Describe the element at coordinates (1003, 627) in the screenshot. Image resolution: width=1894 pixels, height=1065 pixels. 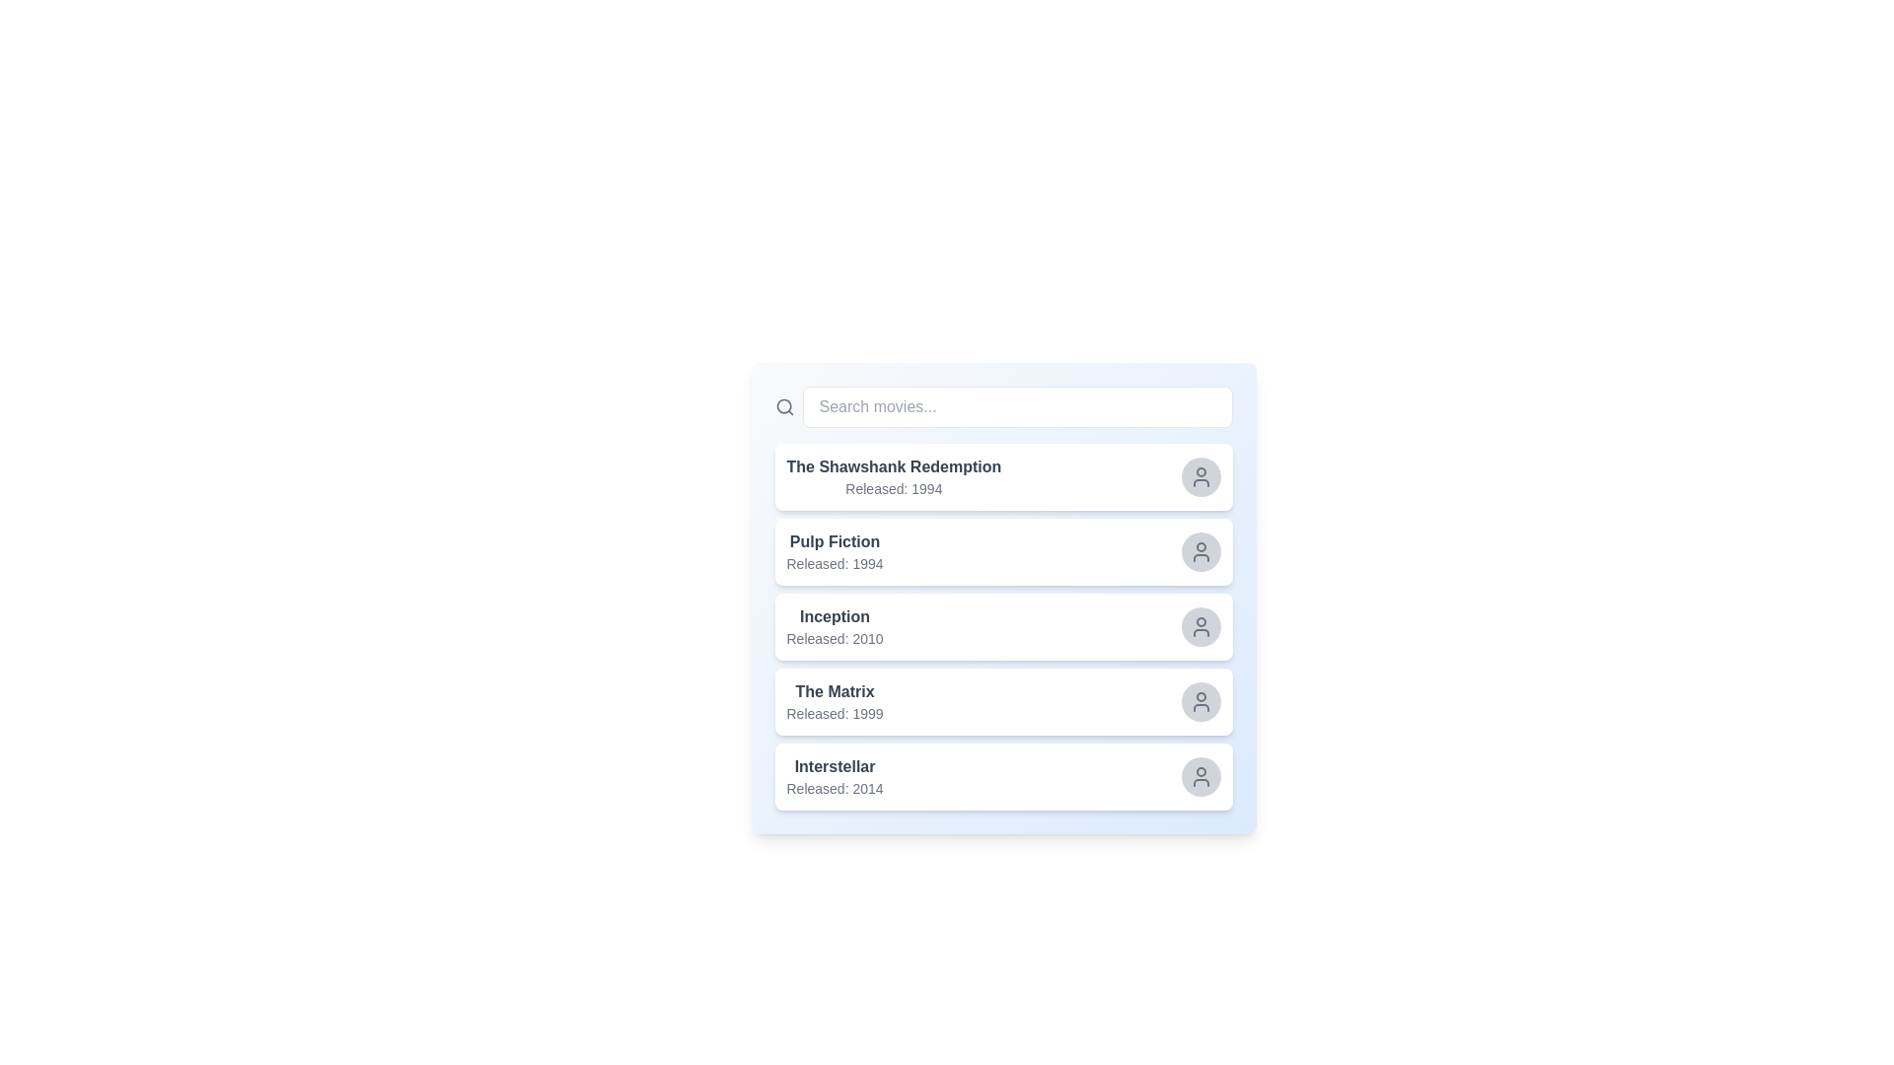
I see `the Informational card displaying the title and release year of the movie 'Inception', which is the third card in the movie catalog list` at that location.